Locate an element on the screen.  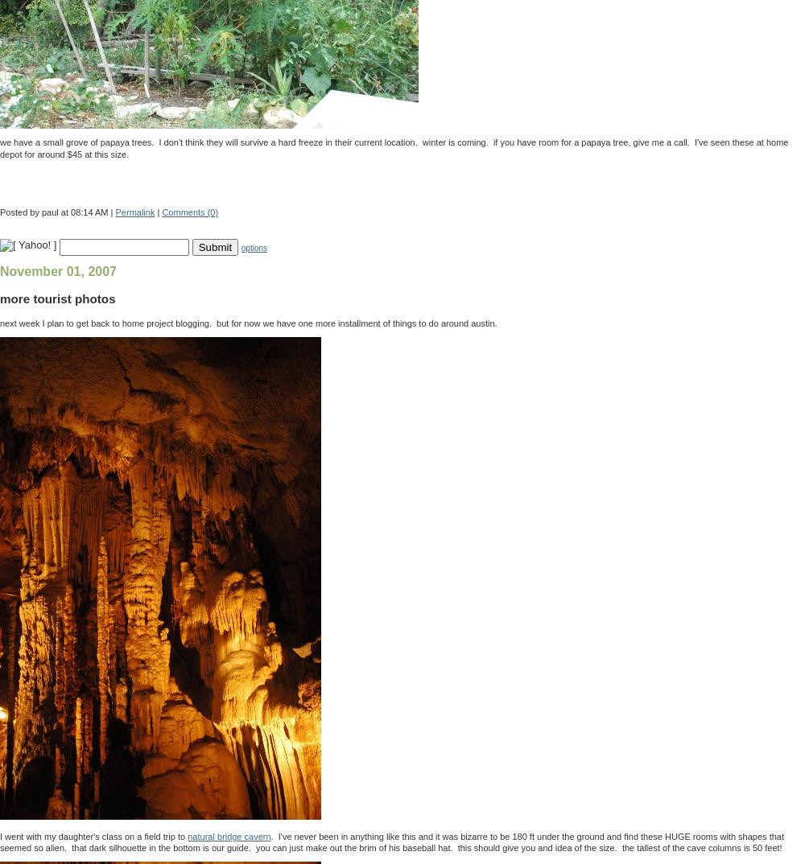
'options' is located at coordinates (253, 247).